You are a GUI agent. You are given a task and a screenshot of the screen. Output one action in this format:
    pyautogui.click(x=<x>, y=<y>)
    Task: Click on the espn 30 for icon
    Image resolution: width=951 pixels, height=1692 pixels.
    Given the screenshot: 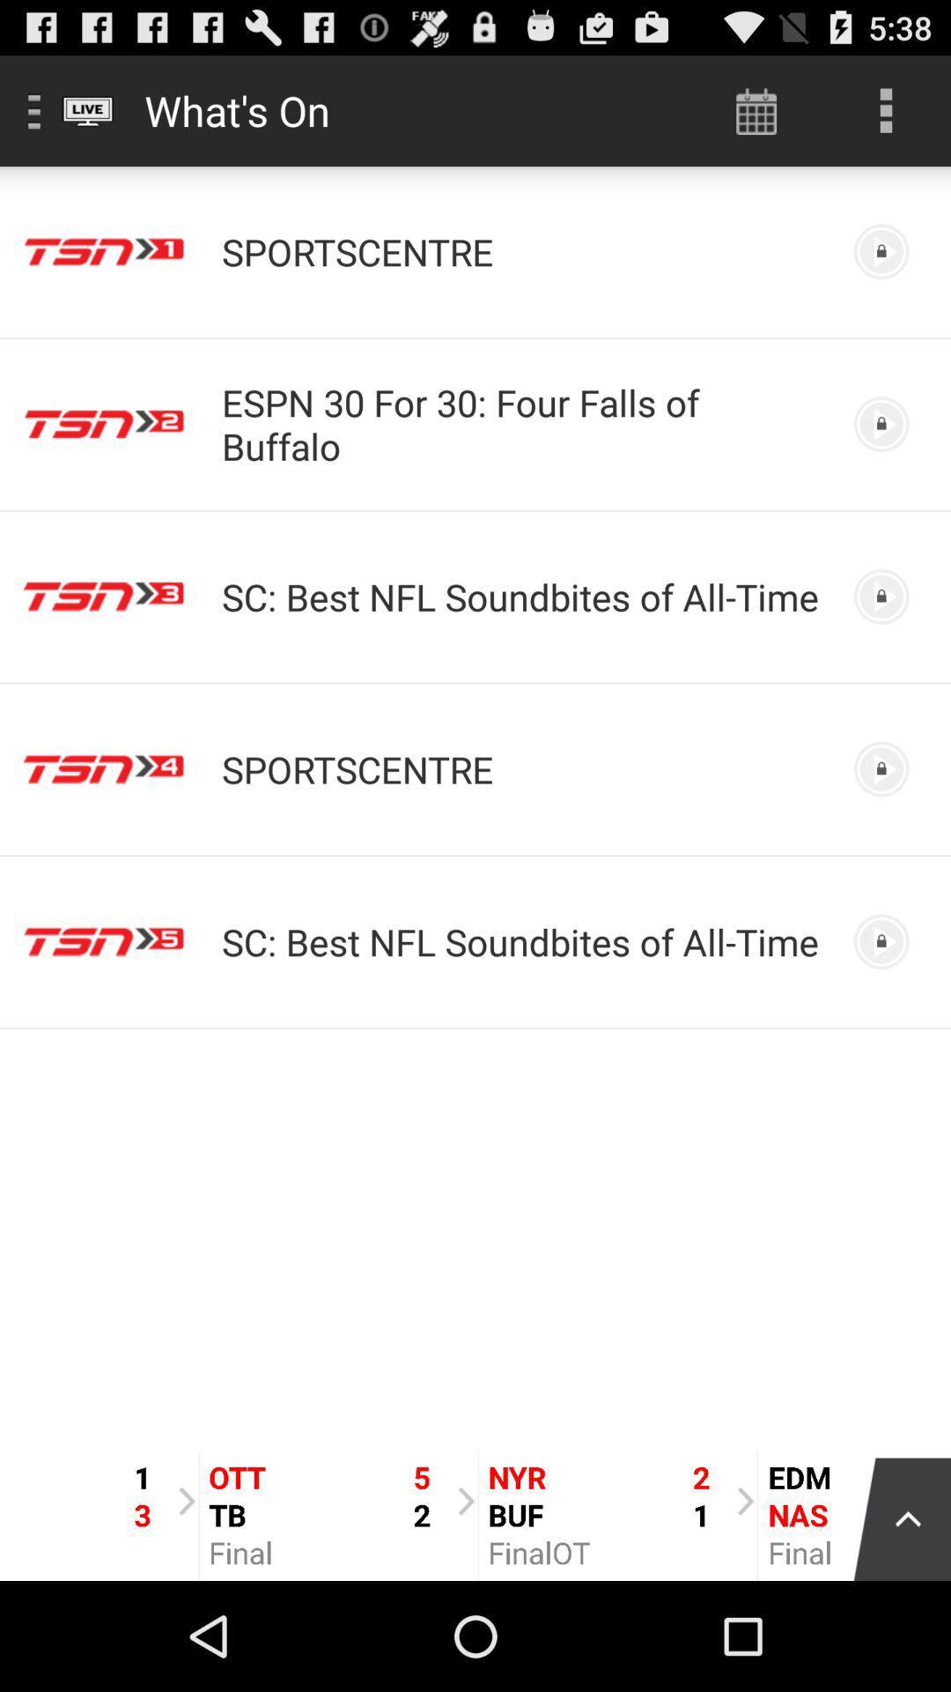 What is the action you would take?
    pyautogui.click(x=521, y=424)
    